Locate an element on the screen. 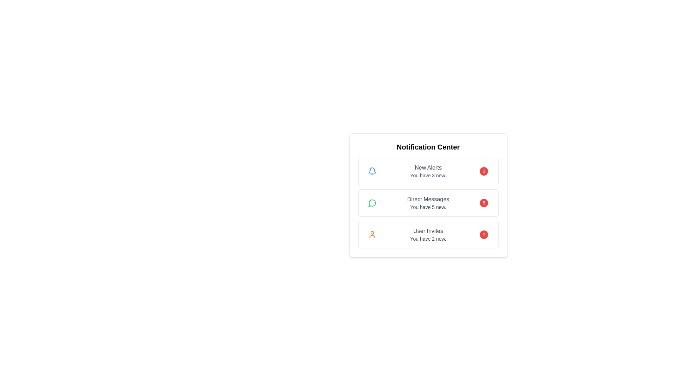  green circular icon with a speech bubble outline located in the second row of the notification center, which represents 'Direct Messages.' is located at coordinates (372, 203).